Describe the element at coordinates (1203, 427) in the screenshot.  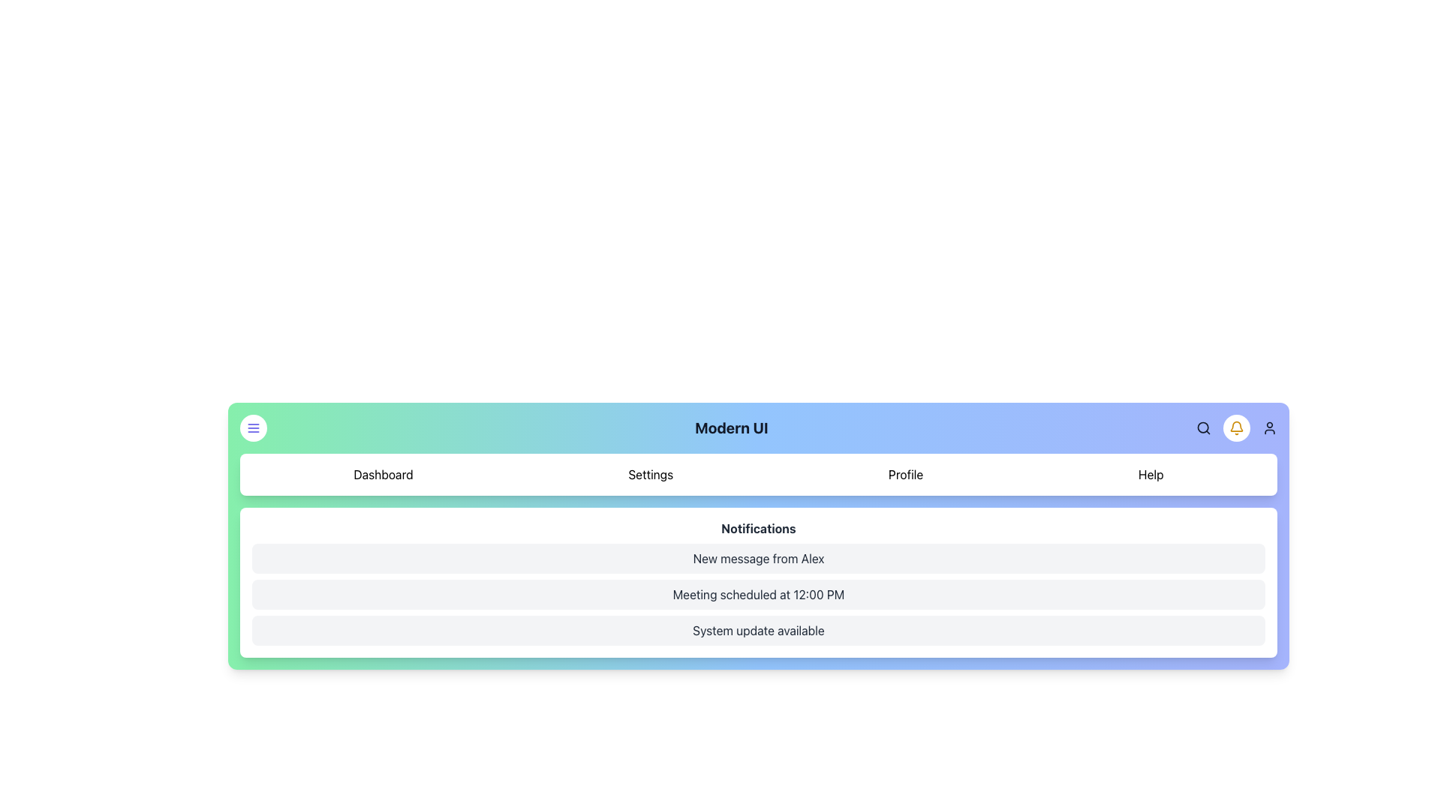
I see `the search icon represented by a magnifying glass symbol to initiate search` at that location.